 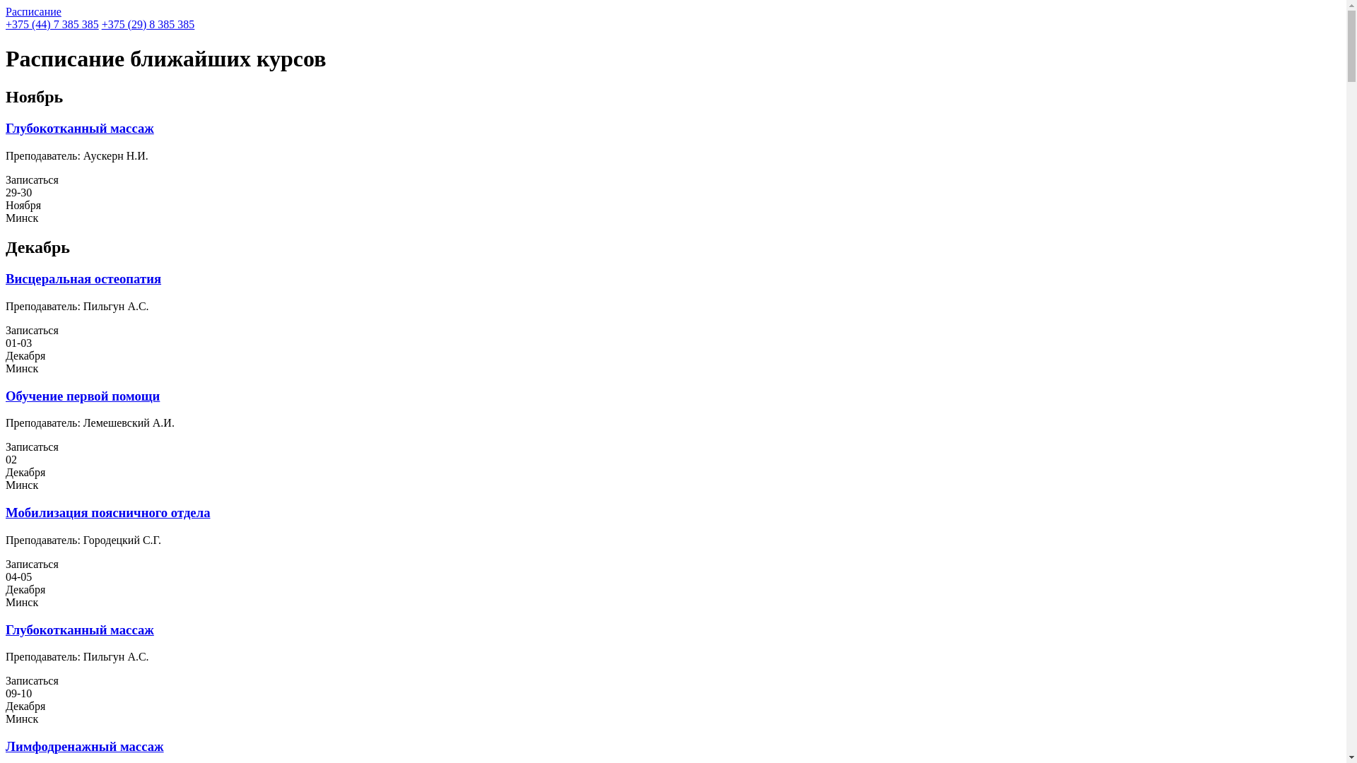 I want to click on '+375 (29) 8 385 385', so click(x=101, y=24).